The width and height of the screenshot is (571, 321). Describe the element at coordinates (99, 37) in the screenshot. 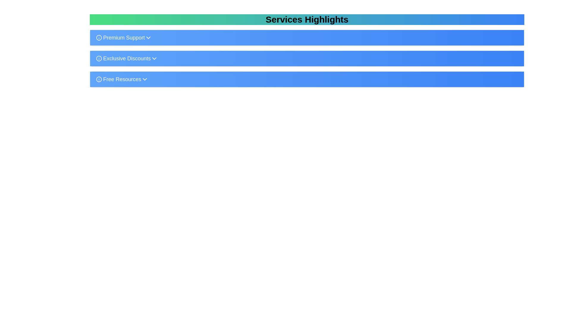

I see `the filled blue circular icon located to the left of the 'Premium Support' text in the vertical list if it is interactive` at that location.